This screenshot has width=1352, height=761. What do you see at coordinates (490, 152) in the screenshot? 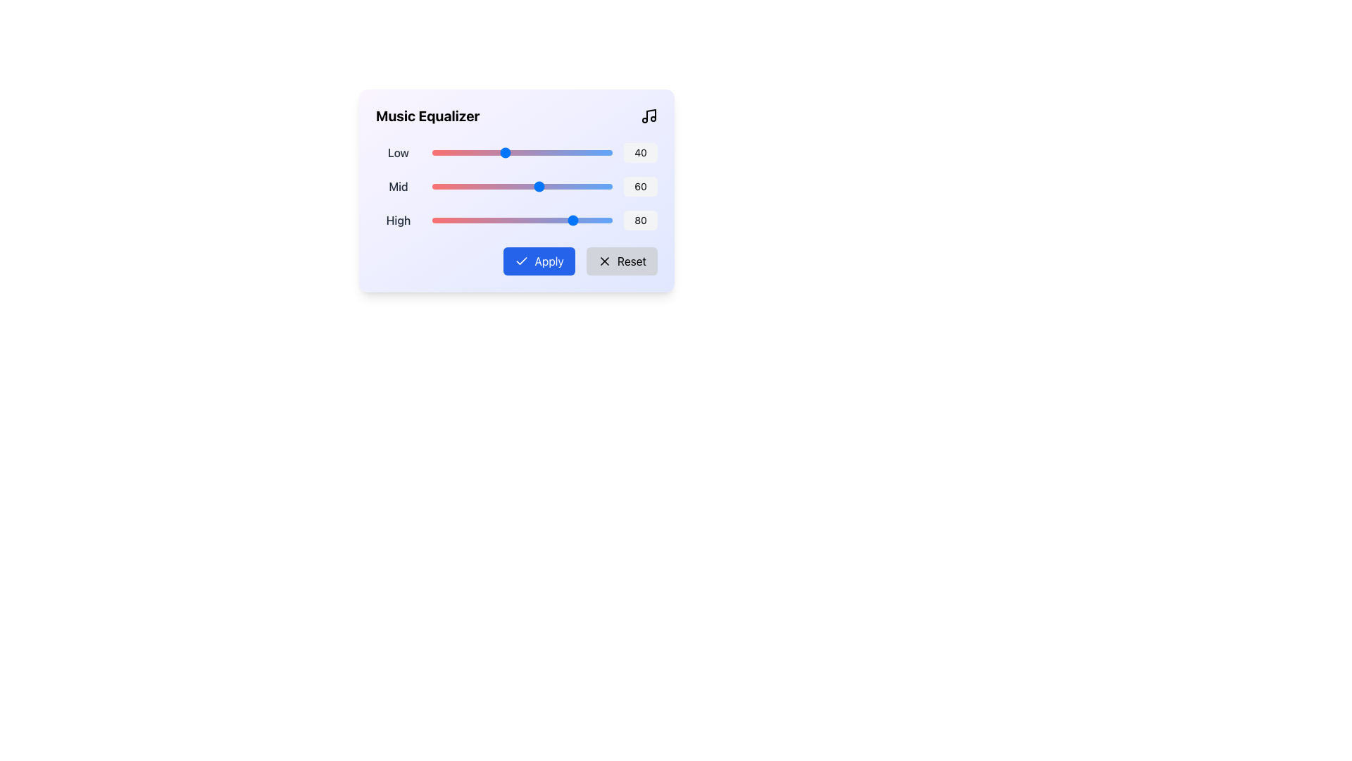
I see `the low equalizer slider` at bounding box center [490, 152].